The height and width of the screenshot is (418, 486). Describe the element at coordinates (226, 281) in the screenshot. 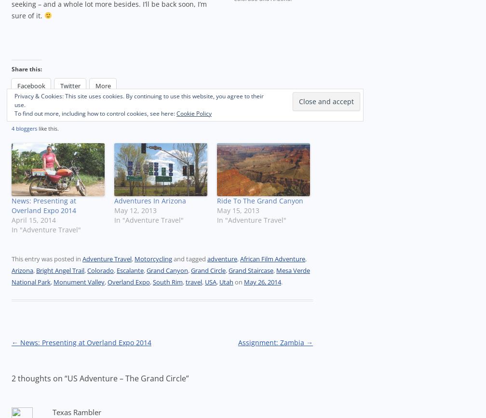

I see `'Utah'` at that location.